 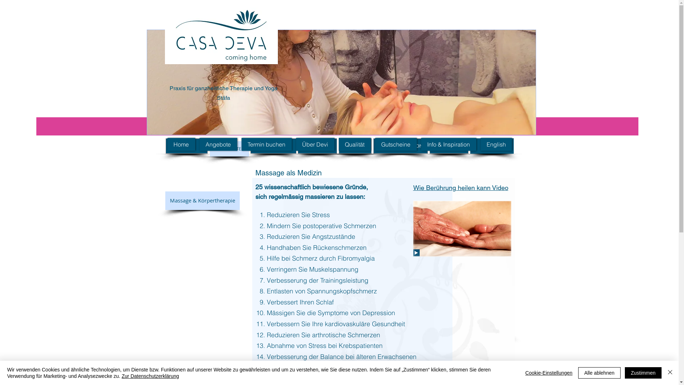 I want to click on 'HOME', so click(x=186, y=145).